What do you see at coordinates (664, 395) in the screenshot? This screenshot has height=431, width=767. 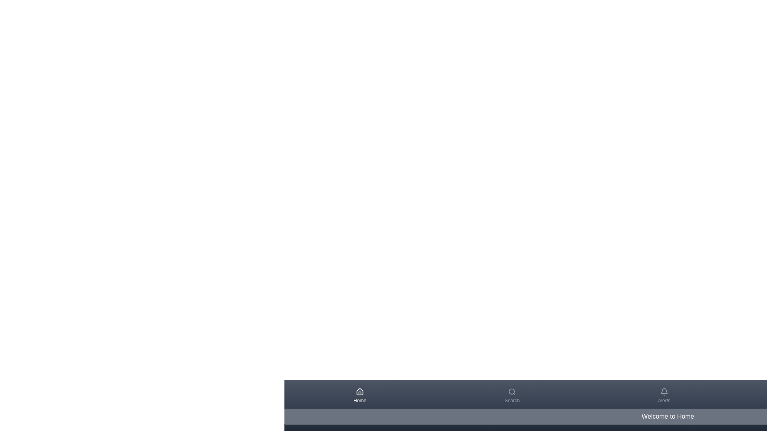 I see `the Alerts tab to navigate to its section` at bounding box center [664, 395].